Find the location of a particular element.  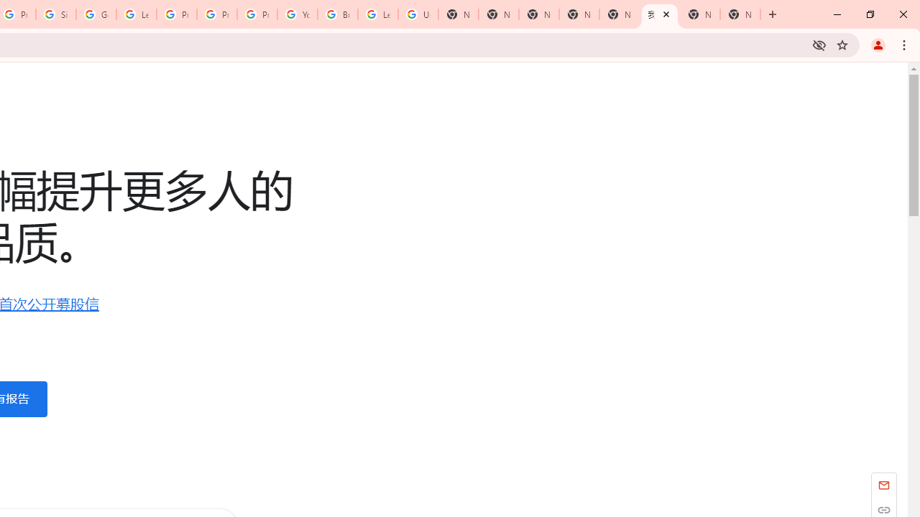

'Third-party cookies blocked' is located at coordinates (819, 44).